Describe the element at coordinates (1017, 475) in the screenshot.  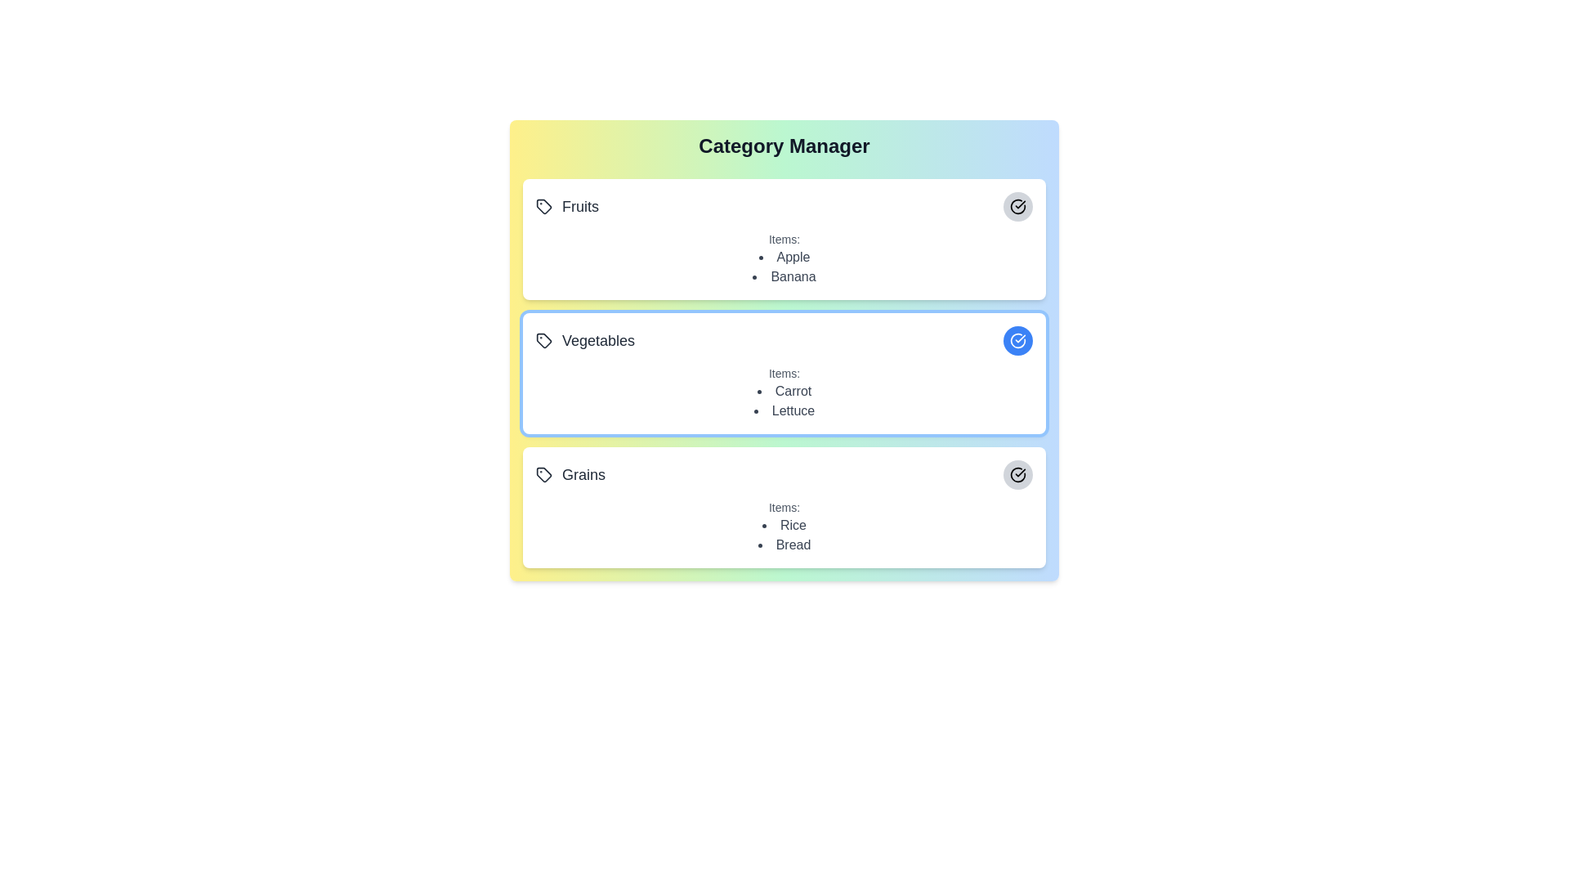
I see `the category Grains by clicking its associated button` at that location.